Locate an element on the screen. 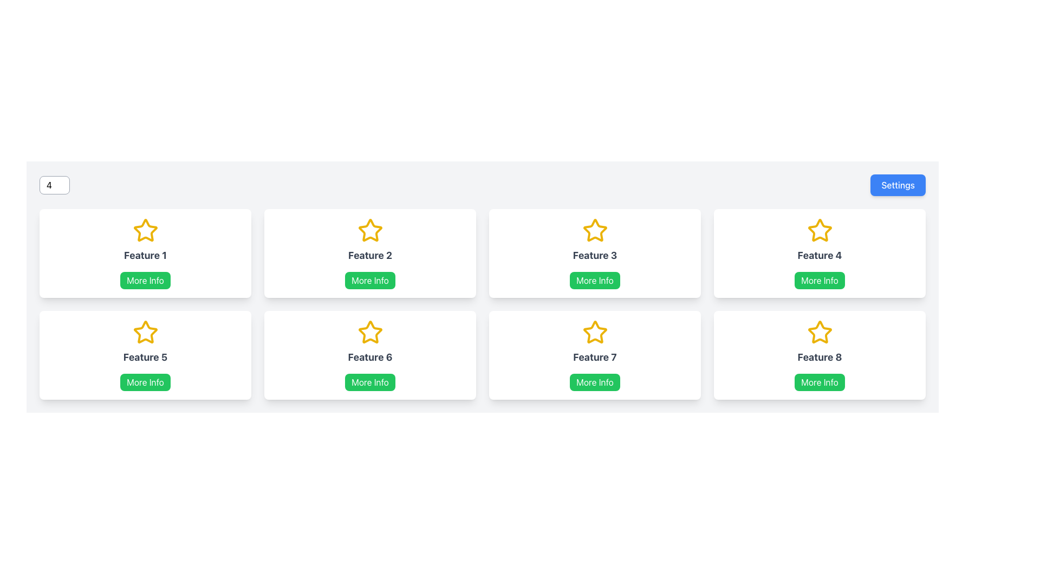 The height and width of the screenshot is (585, 1040). the text label located in the fourth card of the grid layout, which identifies the feature associated with the card, situated below the star icon and above the 'More Info' button is located at coordinates (820, 255).